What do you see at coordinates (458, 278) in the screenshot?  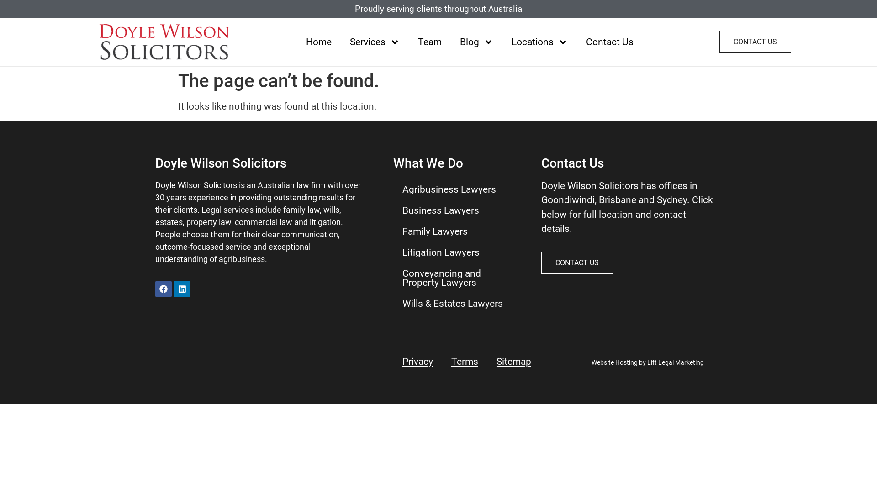 I see `'Conveyancing and Property Lawyers'` at bounding box center [458, 278].